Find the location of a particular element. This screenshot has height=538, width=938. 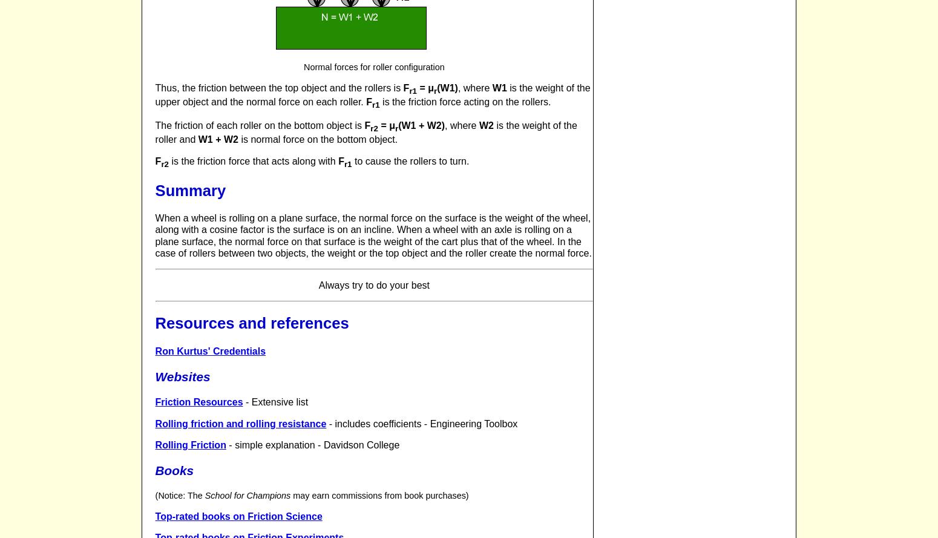

'When a wheel is rolling on a plane surface, the normal force on the surface is the weight of the wheel, along with a cosine factor is the surface is on an incline. When a wheel with an axle is rolling on a plane surface, the normal force on that surface is the weight of the cart plus that of the wheel. In the case of rollers between two objects, the weight or the top object and the roller create the normal force.' is located at coordinates (373, 235).